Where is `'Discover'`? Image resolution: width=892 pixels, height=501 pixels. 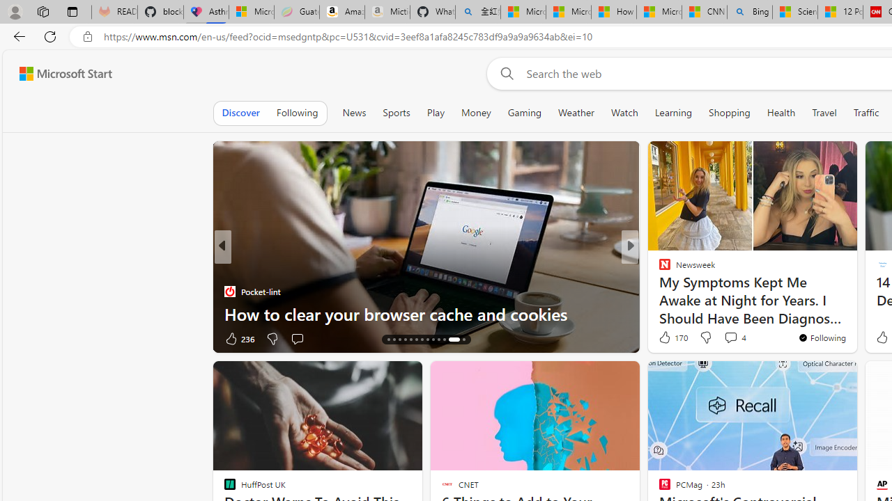 'Discover' is located at coordinates (240, 112).